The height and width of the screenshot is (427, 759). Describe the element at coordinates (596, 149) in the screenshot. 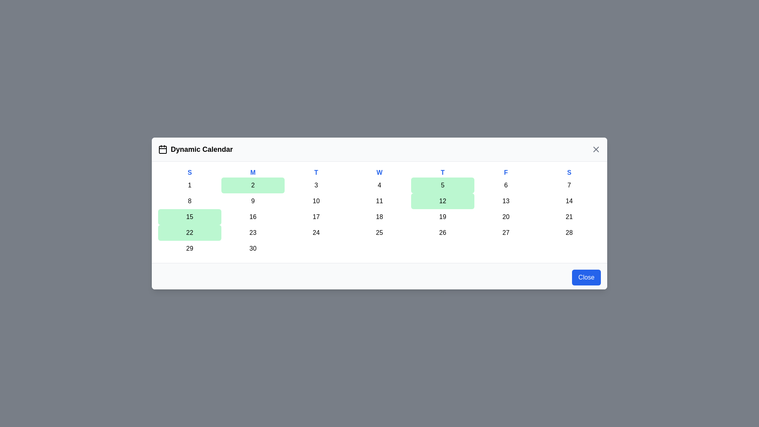

I see `the 'X' button to close the calendar` at that location.